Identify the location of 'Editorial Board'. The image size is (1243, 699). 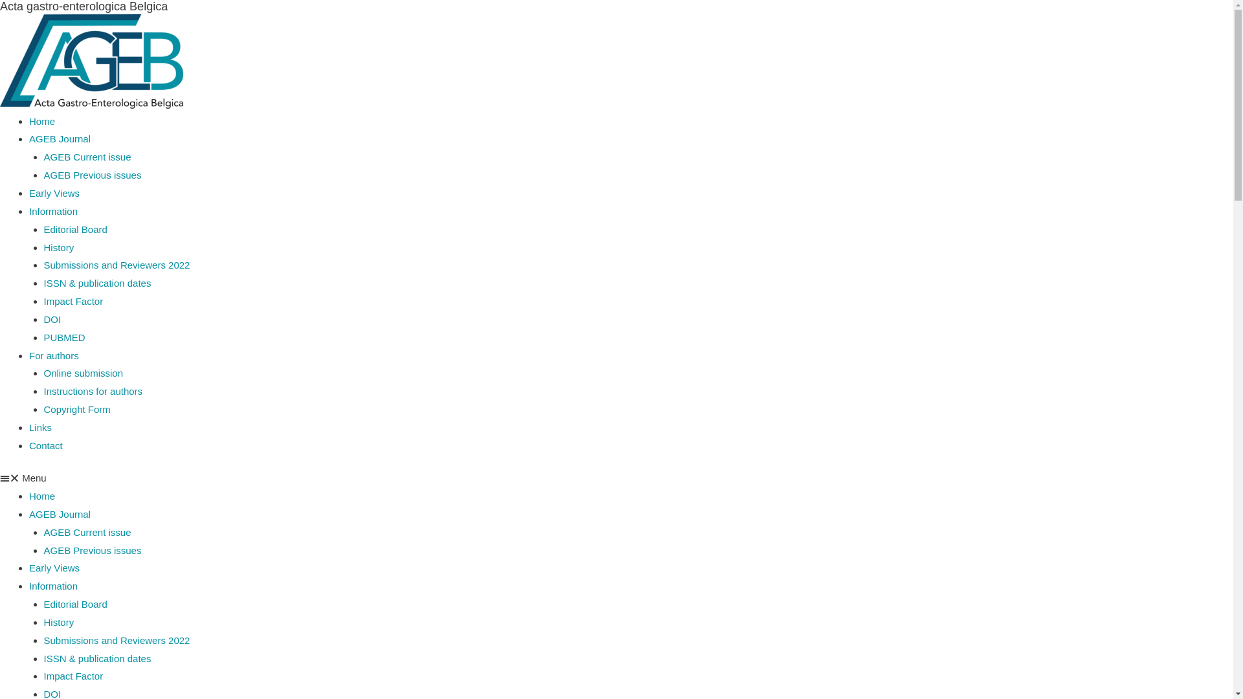
(43, 228).